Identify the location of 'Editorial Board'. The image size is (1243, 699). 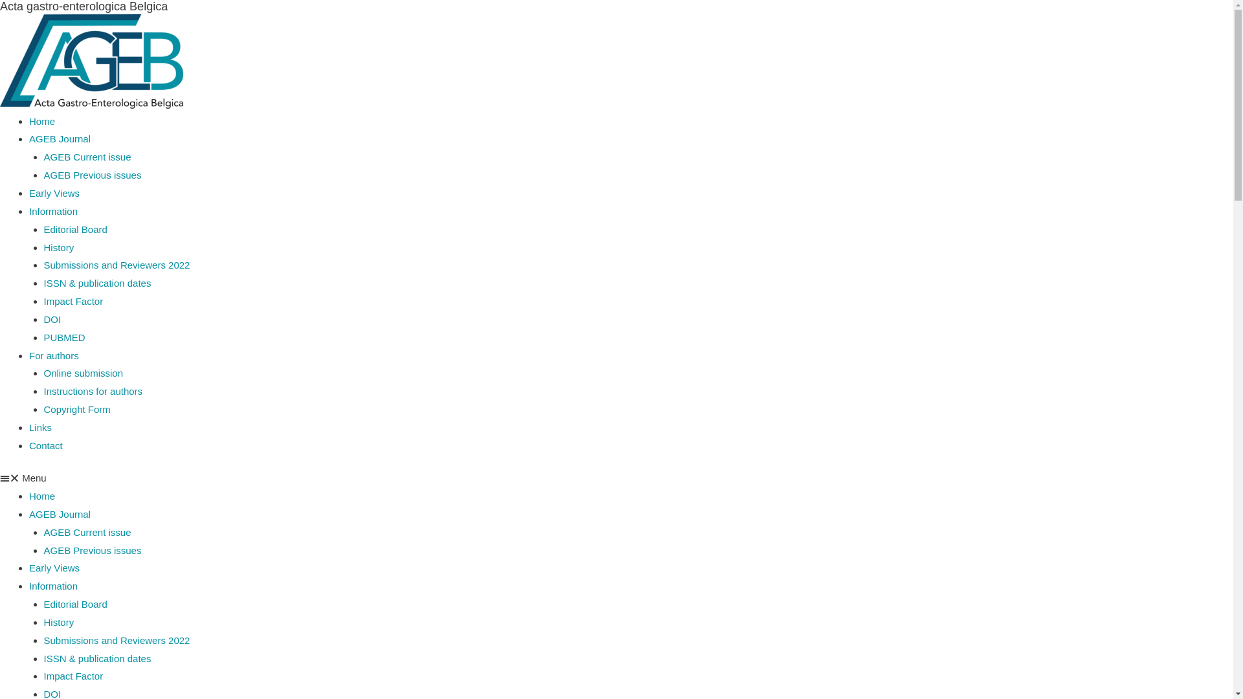
(43, 228).